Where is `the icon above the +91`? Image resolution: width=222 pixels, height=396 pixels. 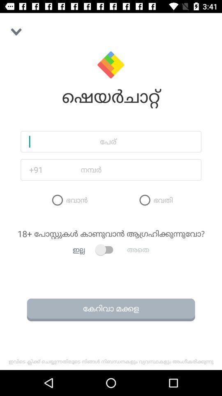 the icon above the +91 is located at coordinates (111, 141).